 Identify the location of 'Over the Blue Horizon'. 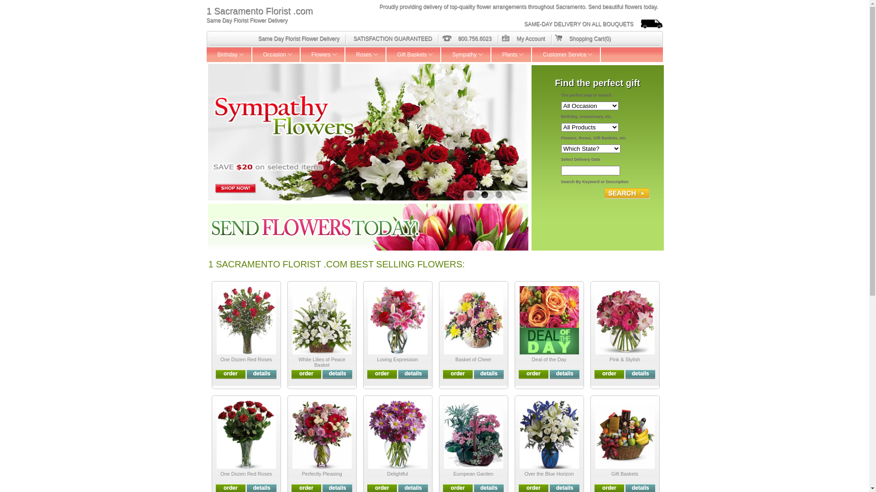
(548, 473).